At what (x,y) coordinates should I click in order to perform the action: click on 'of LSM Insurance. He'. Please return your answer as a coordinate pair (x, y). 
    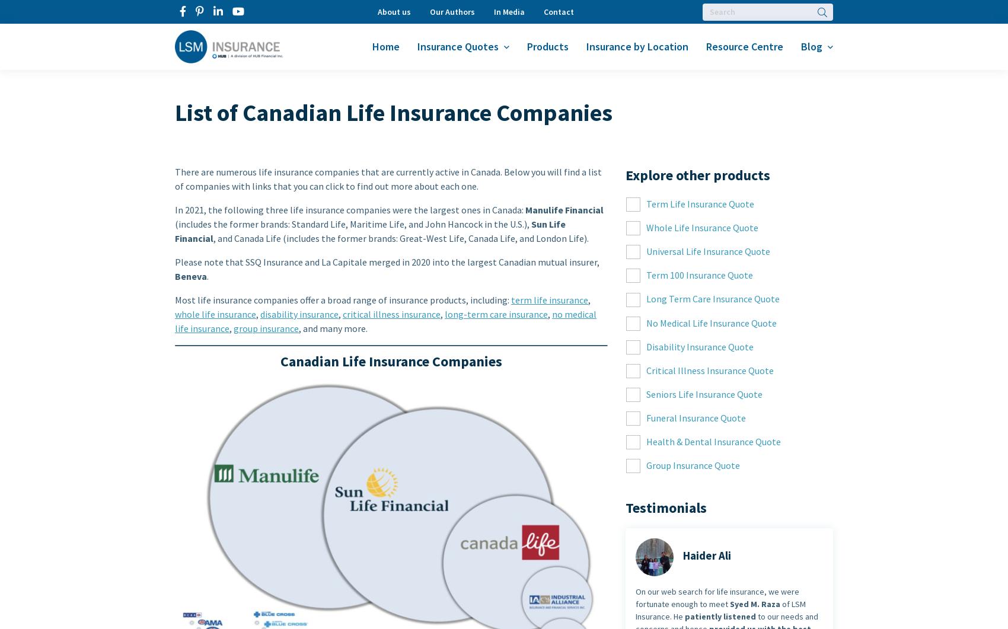
    Looking at the image, I should click on (636, 609).